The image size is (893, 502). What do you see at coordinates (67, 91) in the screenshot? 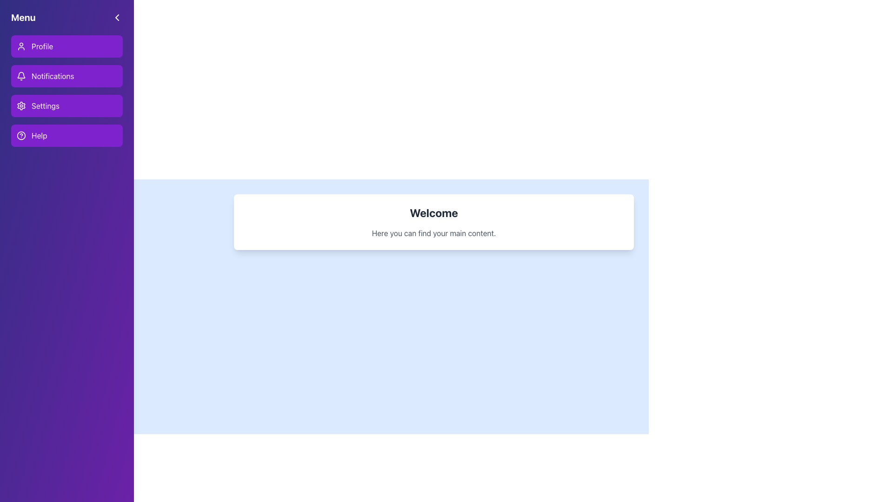
I see `the 'Notifications' button with a purple background that features a bell icon, located in the vertical menu below the 'Profile' option` at bounding box center [67, 91].